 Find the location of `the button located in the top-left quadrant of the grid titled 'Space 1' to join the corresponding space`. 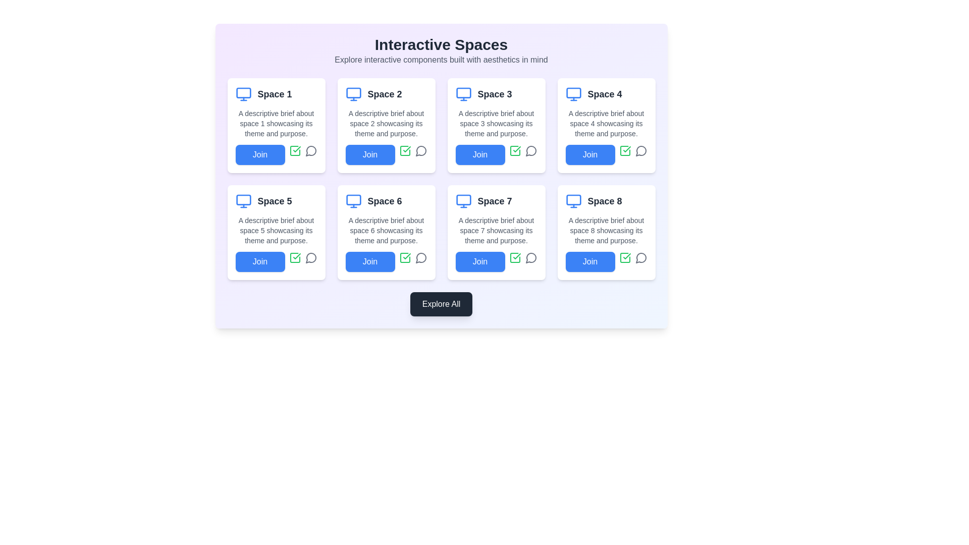

the button located in the top-left quadrant of the grid titled 'Space 1' to join the corresponding space is located at coordinates (260, 155).